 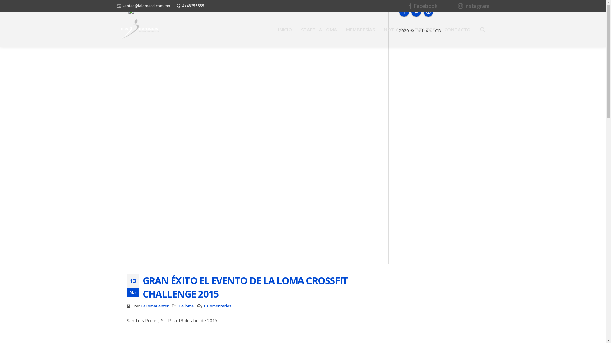 What do you see at coordinates (457, 6) in the screenshot?
I see `'Instagram'` at bounding box center [457, 6].